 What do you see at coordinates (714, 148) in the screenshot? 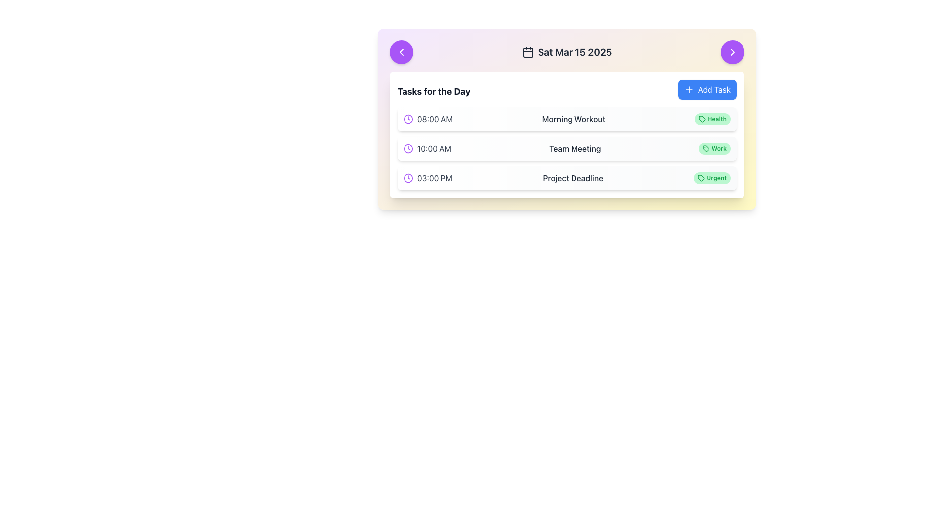
I see `text 'Work' from the green rounded rectangular Tag Label element located to the right of 'Team Meeting' in the 'Tasks for the Day' section` at bounding box center [714, 148].